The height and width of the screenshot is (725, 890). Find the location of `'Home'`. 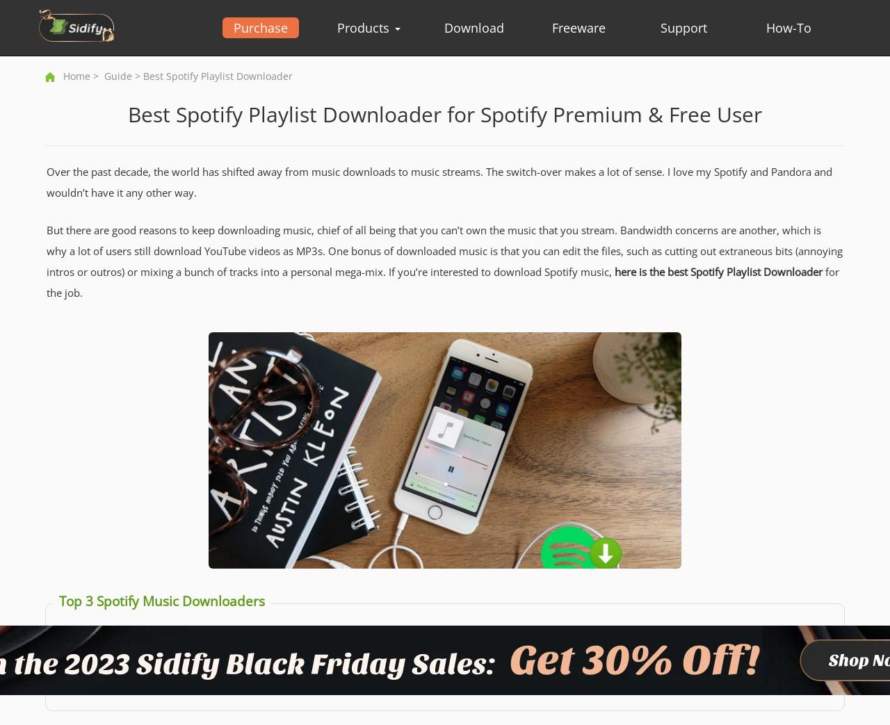

'Home' is located at coordinates (76, 76).